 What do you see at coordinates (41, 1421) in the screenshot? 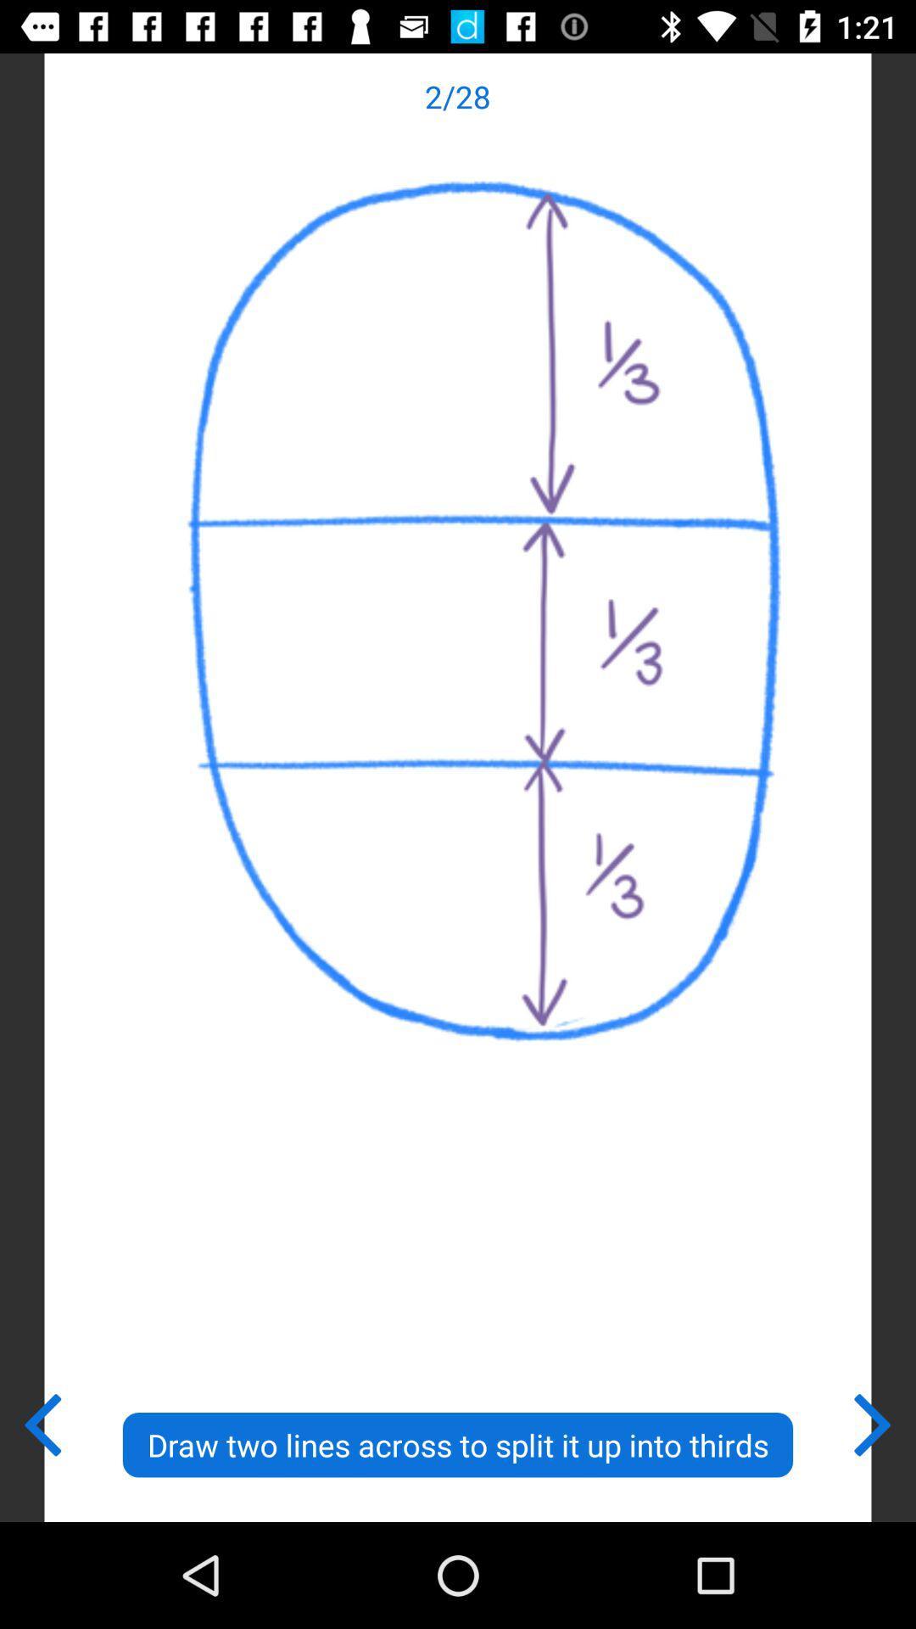
I see `item to the left of draw two lines item` at bounding box center [41, 1421].